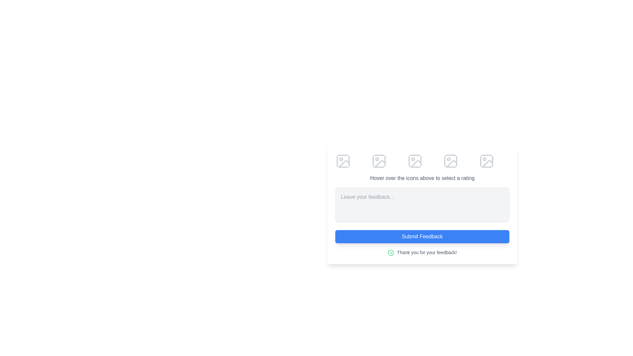  What do you see at coordinates (450, 161) in the screenshot?
I see `the small rectangular decorative element with rounded corners, which is centrally positioned within the fourth icon in the row of icons above the text box in the feedback form layout` at bounding box center [450, 161].